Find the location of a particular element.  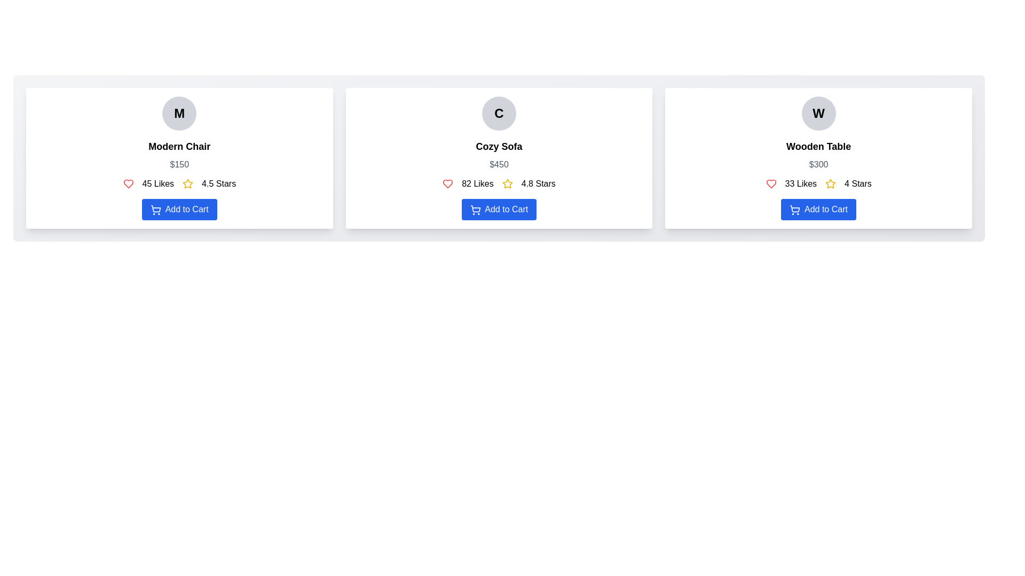

rating displayed as '4.8 Stars' in black text within the second product card, located underneath the product title and price, to understand the product's evaluation is located at coordinates (538, 183).